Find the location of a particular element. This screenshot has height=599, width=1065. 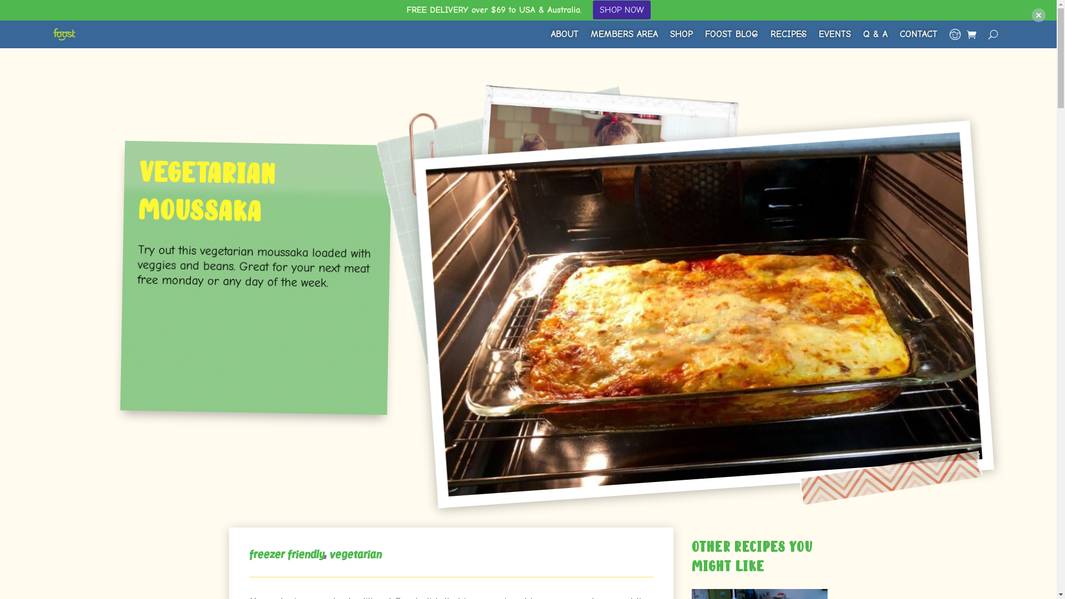

'CONTACT' is located at coordinates (919, 33).